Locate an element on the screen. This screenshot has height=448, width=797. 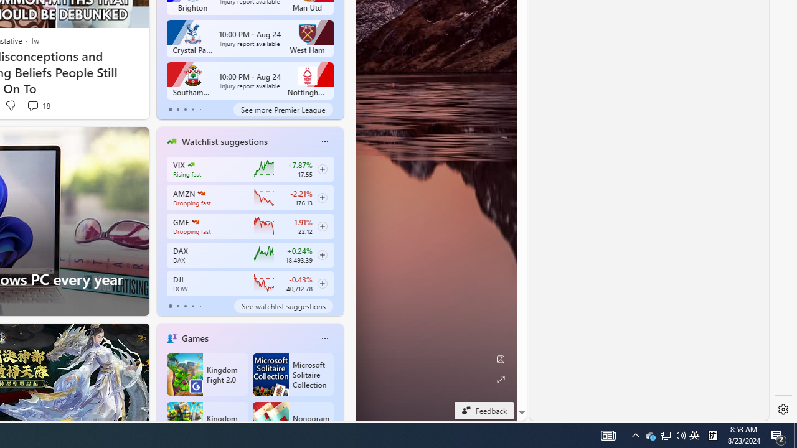
'tab-1' is located at coordinates (177, 306).